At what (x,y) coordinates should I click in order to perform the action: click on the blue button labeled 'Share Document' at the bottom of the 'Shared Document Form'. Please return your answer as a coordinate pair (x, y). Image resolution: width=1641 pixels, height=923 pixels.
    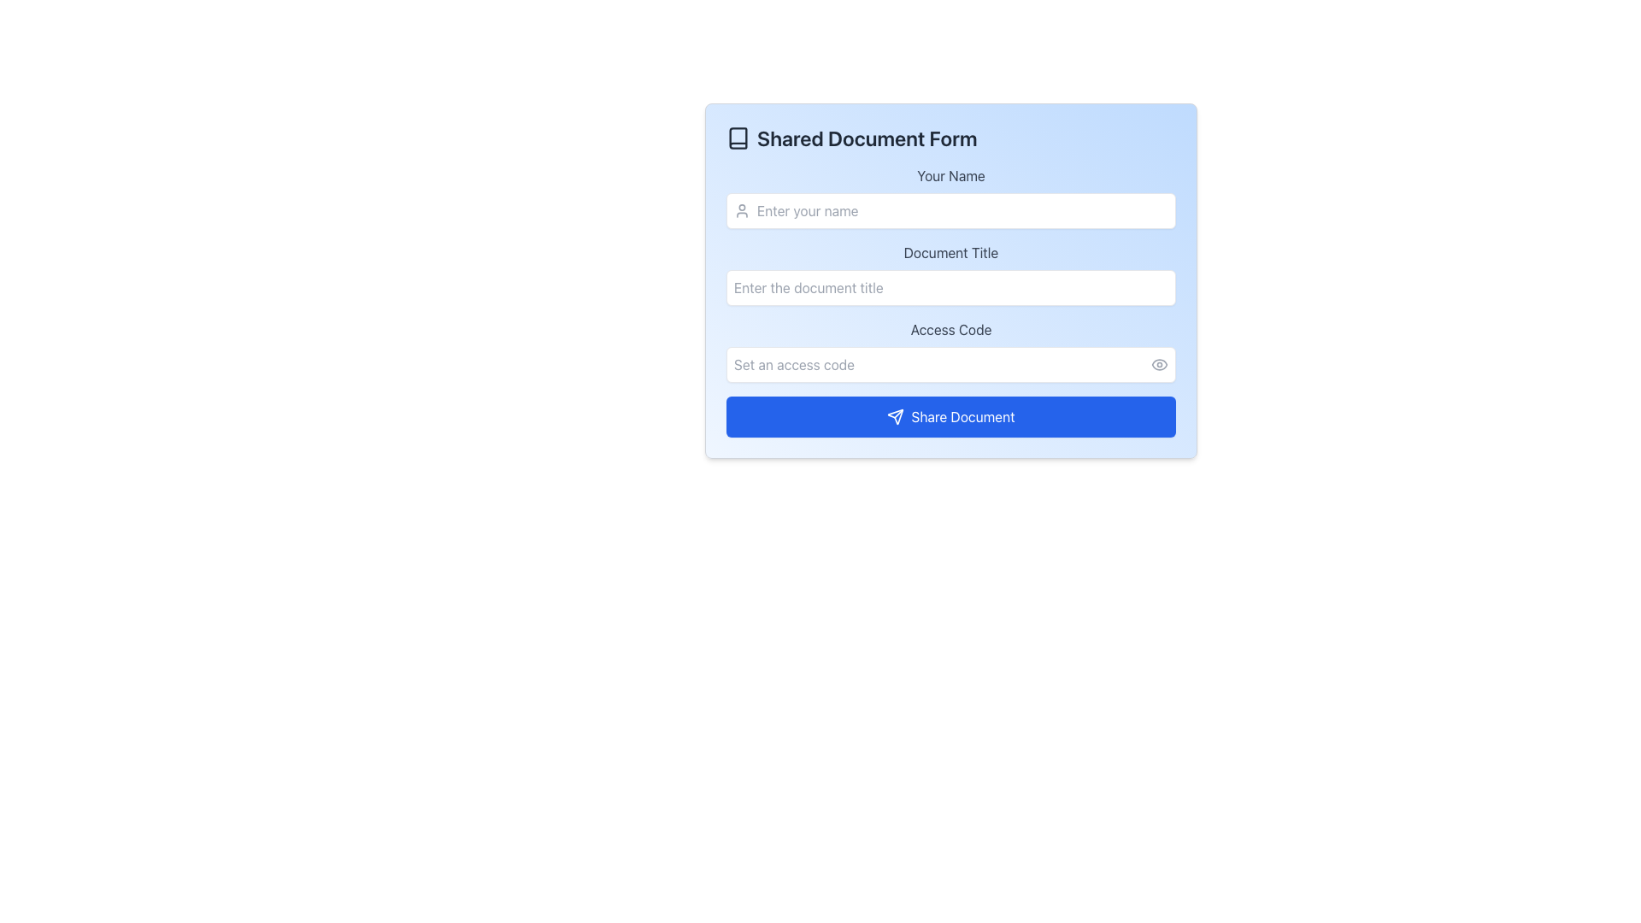
    Looking at the image, I should click on (950, 417).